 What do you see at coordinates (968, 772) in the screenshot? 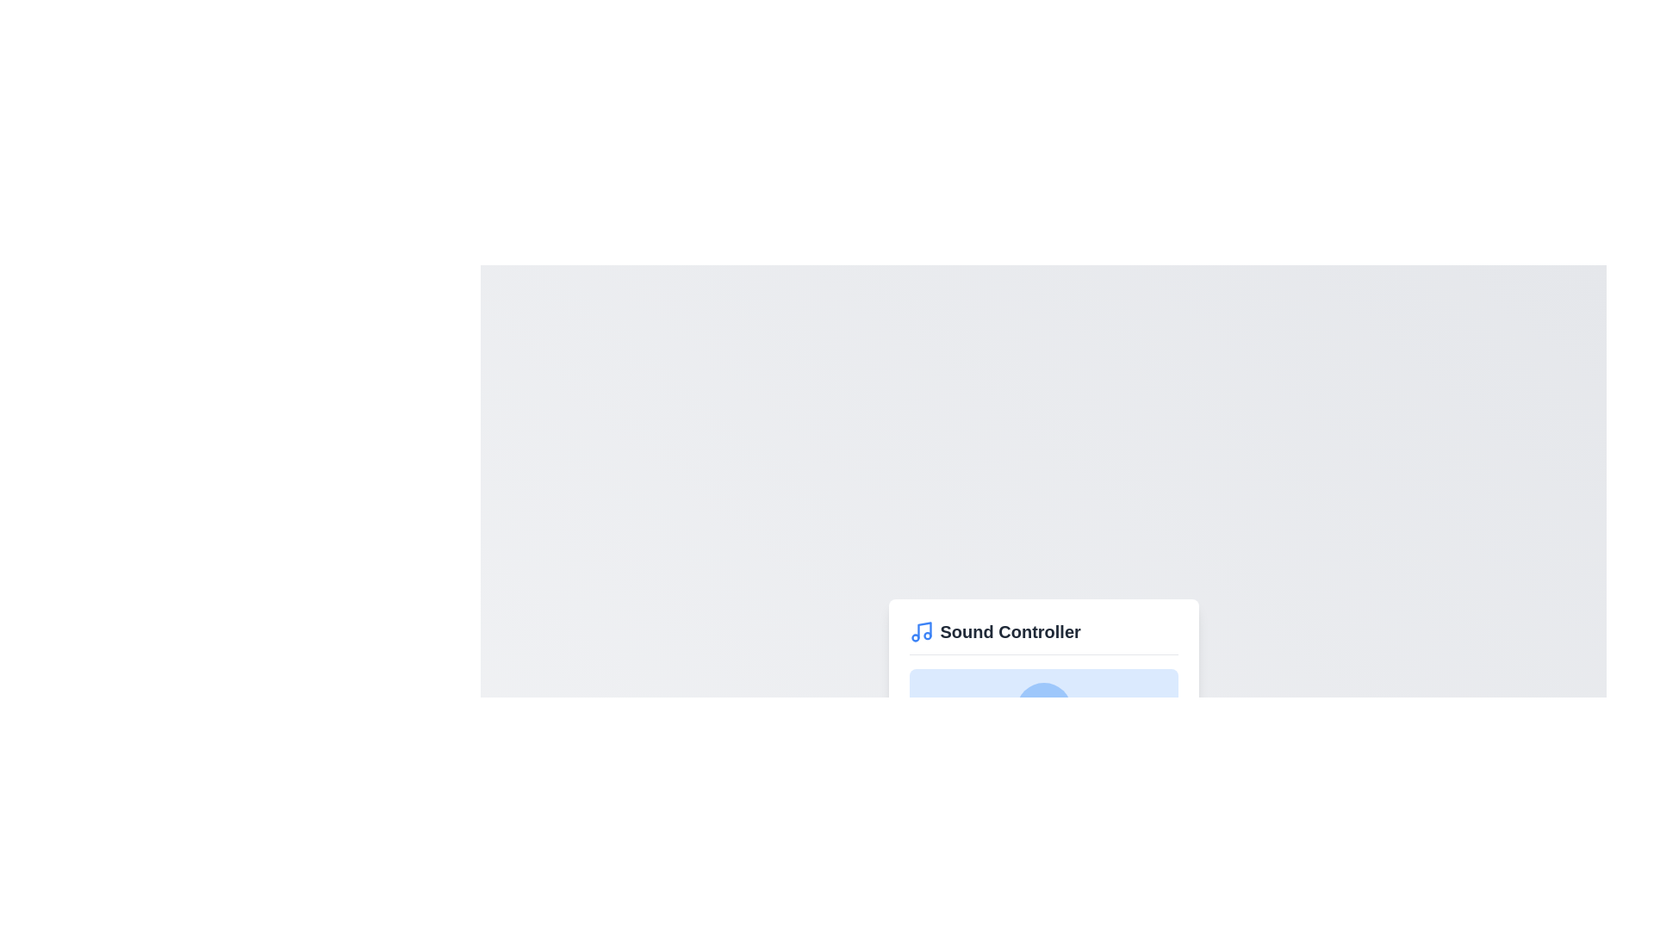
I see `the volume to 22% by interacting with the slider` at bounding box center [968, 772].